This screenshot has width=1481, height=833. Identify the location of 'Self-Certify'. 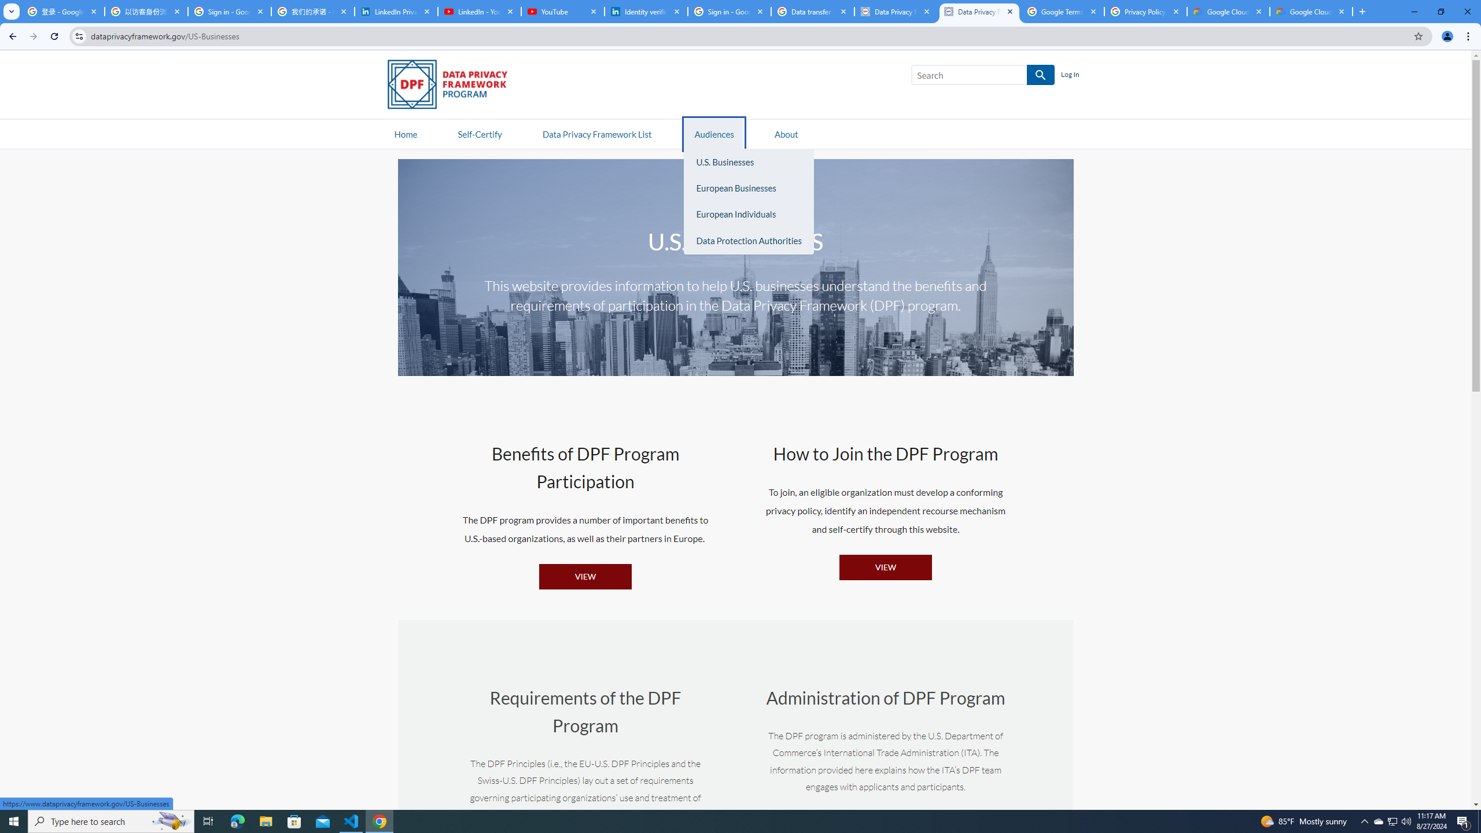
(479, 133).